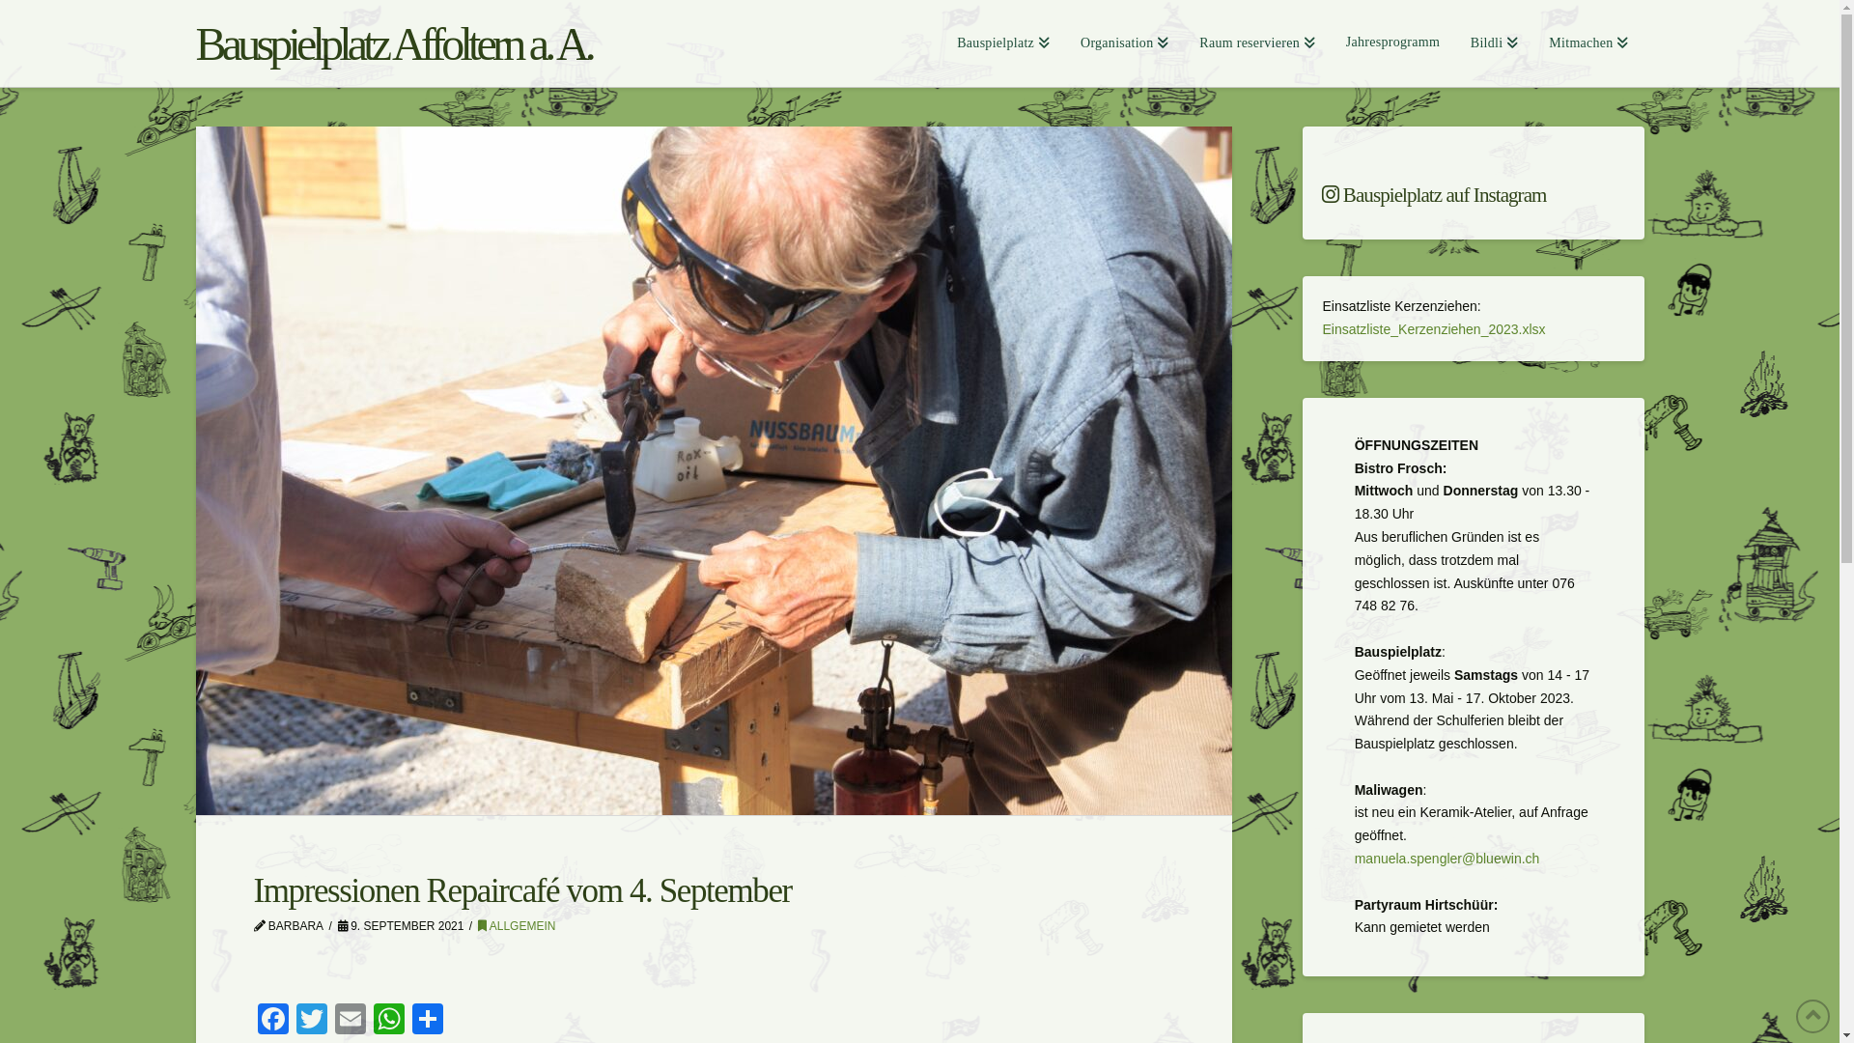  What do you see at coordinates (1493, 43) in the screenshot?
I see `'Bildli'` at bounding box center [1493, 43].